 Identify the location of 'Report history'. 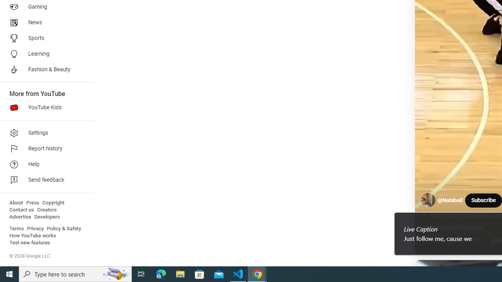
(44, 149).